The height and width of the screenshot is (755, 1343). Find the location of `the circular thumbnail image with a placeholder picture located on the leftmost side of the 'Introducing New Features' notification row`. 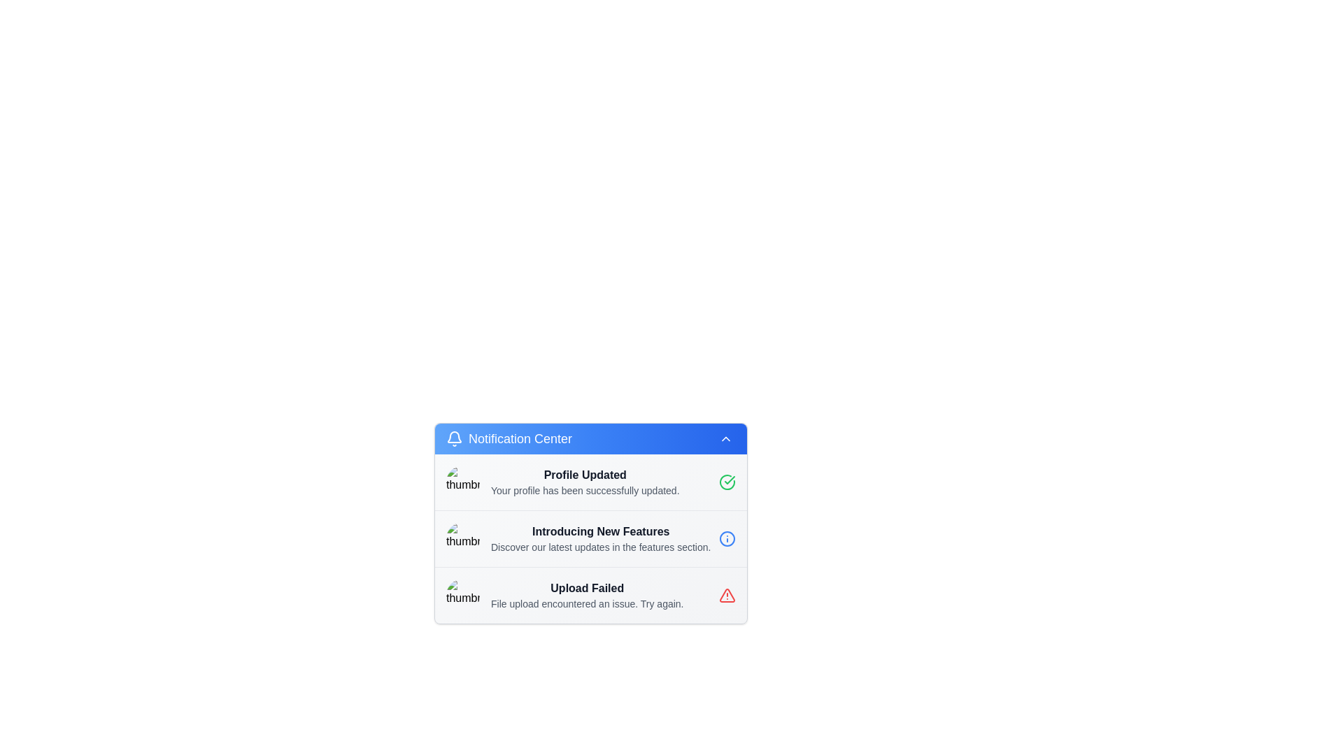

the circular thumbnail image with a placeholder picture located on the leftmost side of the 'Introducing New Features' notification row is located at coordinates (463, 538).